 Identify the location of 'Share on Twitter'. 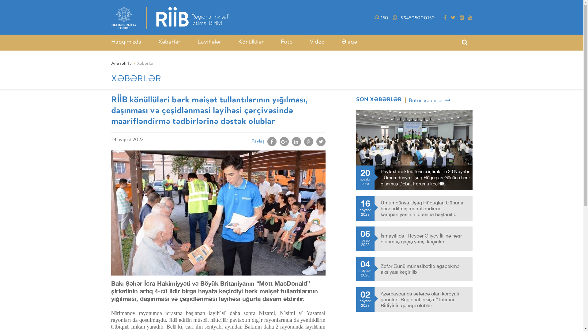
(320, 142).